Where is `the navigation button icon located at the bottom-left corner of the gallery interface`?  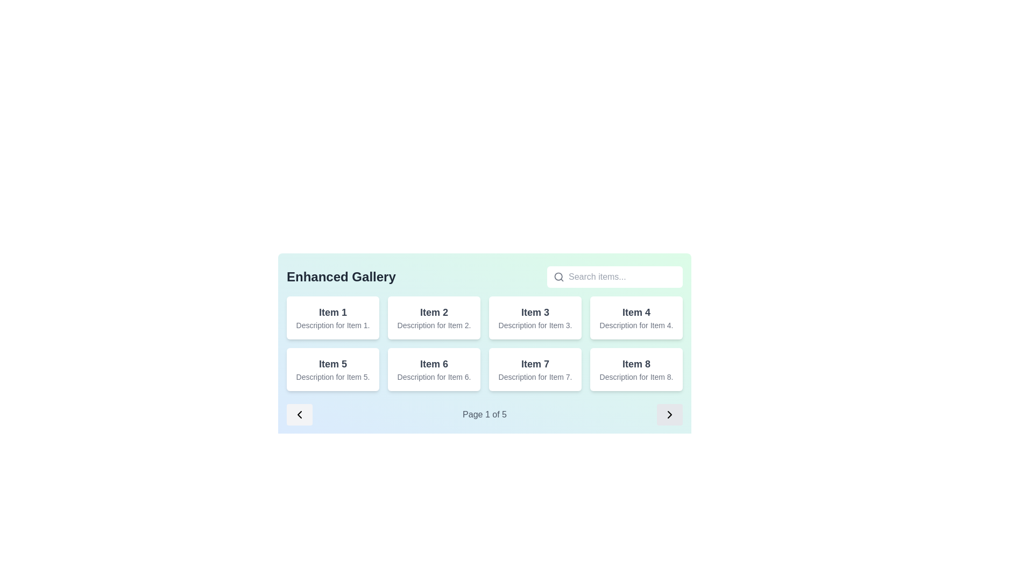 the navigation button icon located at the bottom-left corner of the gallery interface is located at coordinates (299, 414).